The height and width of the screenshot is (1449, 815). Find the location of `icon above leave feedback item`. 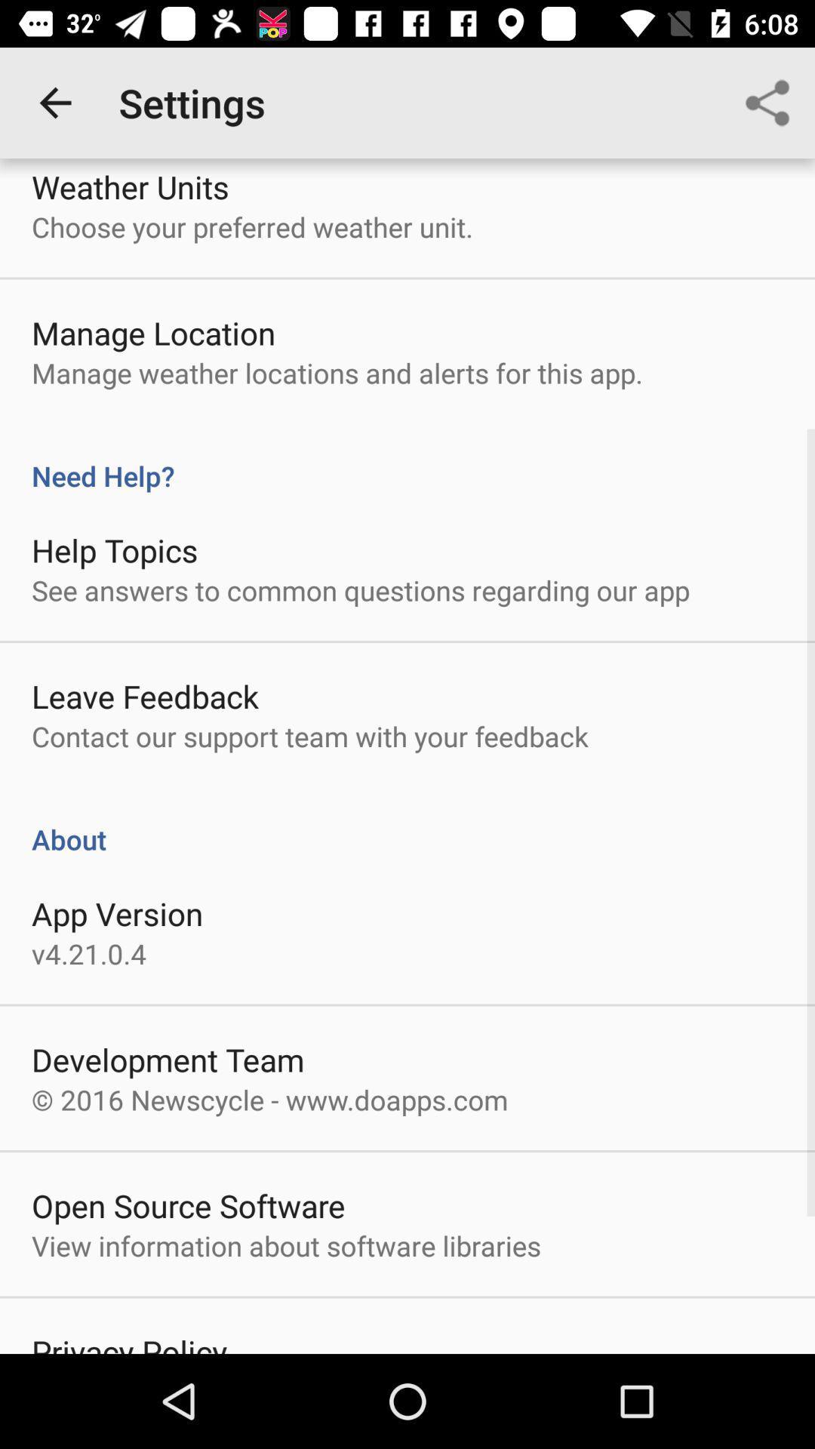

icon above leave feedback item is located at coordinates (361, 589).